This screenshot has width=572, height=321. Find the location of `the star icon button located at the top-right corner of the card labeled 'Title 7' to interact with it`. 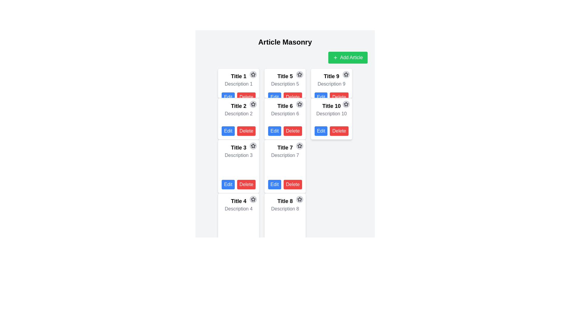

the star icon button located at the top-right corner of the card labeled 'Title 7' to interact with it is located at coordinates (299, 146).